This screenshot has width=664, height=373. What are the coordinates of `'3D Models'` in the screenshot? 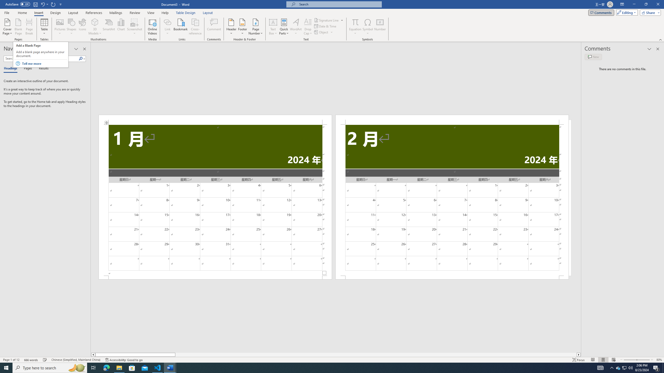 It's located at (95, 27).